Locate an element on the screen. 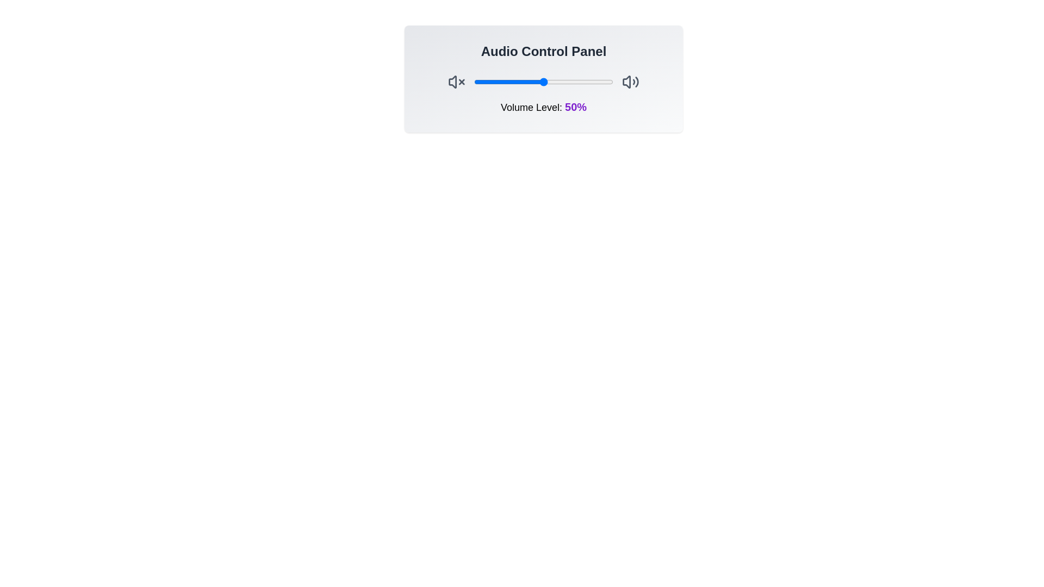  the mute button located on the leftmost side of the audio control panel is located at coordinates (457, 81).